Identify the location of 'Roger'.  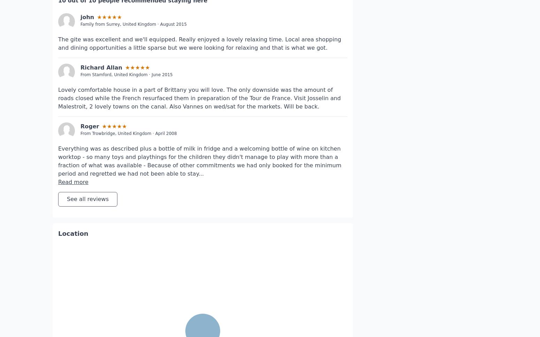
(90, 105).